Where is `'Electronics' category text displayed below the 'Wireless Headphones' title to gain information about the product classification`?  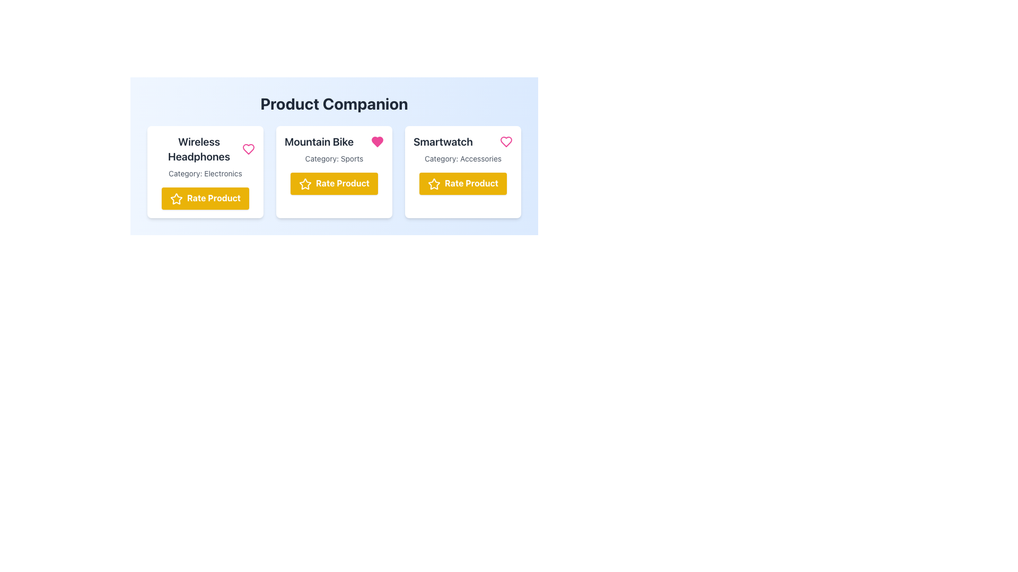 'Electronics' category text displayed below the 'Wireless Headphones' title to gain information about the product classification is located at coordinates (205, 173).